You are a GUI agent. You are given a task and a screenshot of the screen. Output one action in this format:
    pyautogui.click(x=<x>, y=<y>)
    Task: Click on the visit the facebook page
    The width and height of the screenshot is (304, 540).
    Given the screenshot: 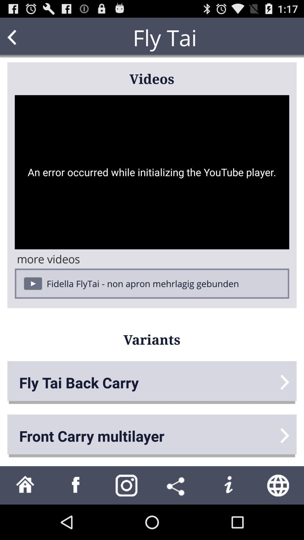 What is the action you would take?
    pyautogui.click(x=76, y=485)
    